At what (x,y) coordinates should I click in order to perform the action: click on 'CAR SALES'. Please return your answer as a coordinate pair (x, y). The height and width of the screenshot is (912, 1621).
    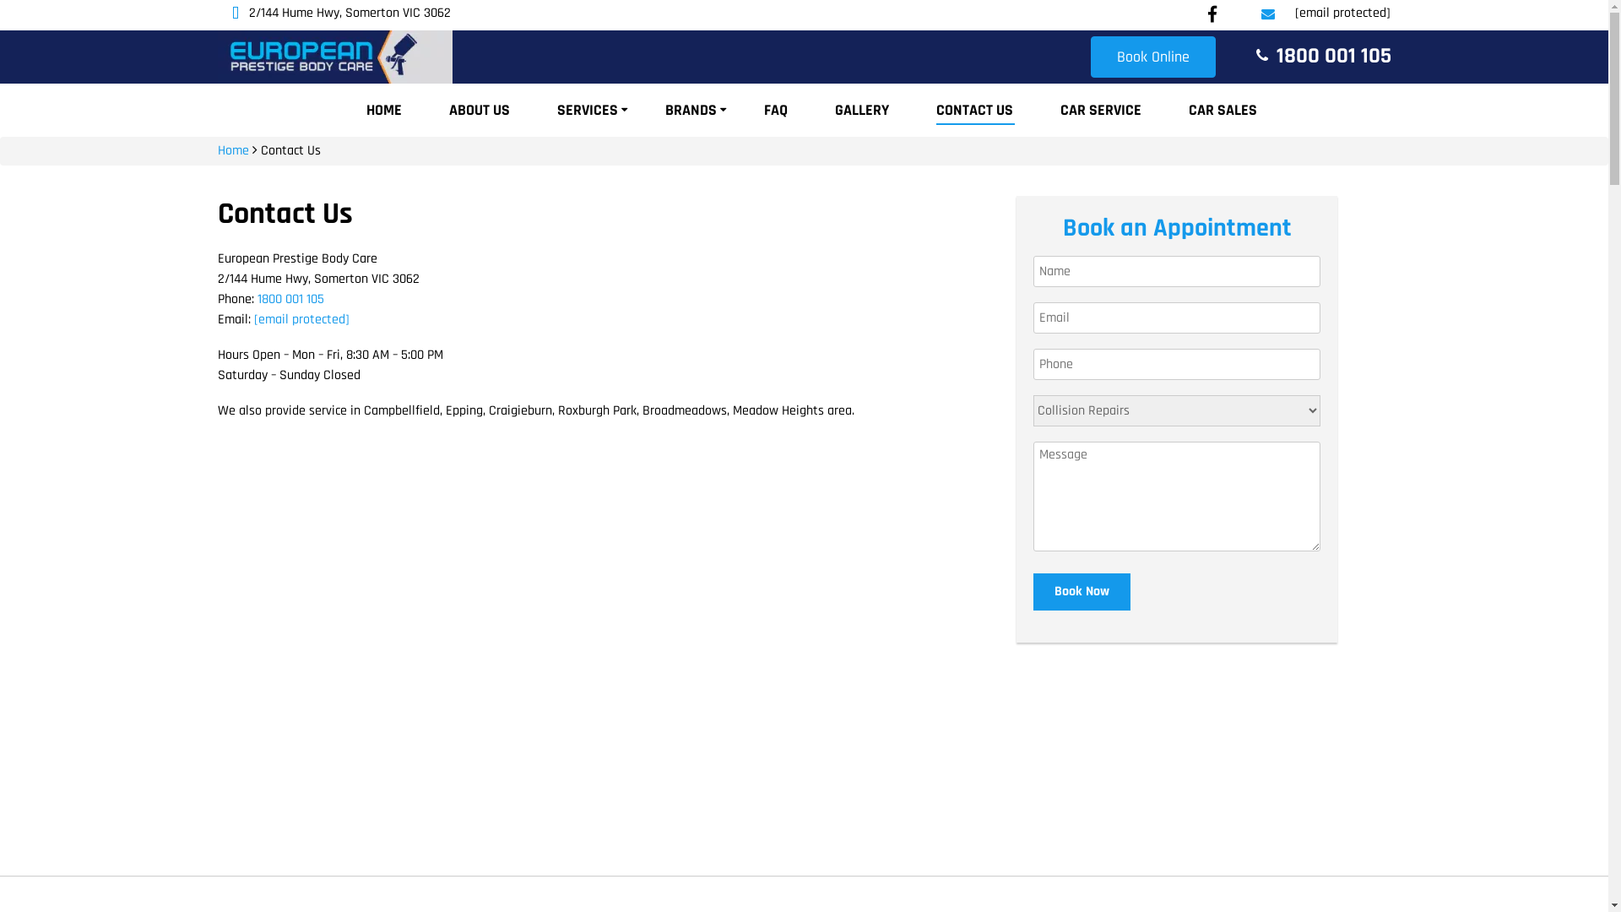
    Looking at the image, I should click on (1223, 110).